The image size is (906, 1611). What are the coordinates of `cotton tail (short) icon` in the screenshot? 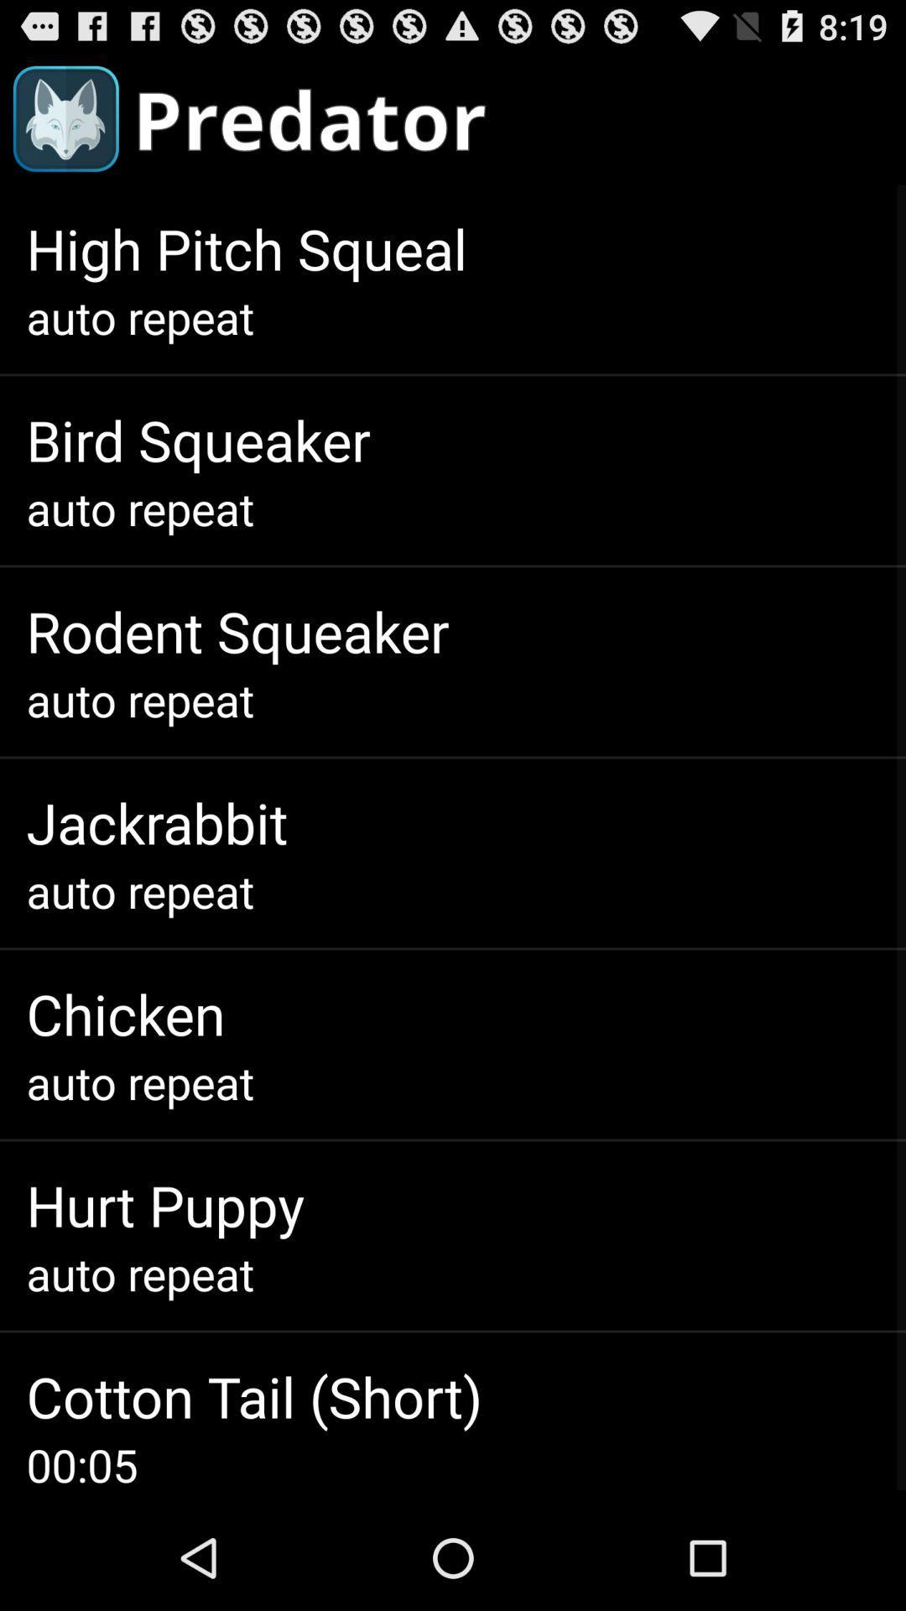 It's located at (254, 1396).